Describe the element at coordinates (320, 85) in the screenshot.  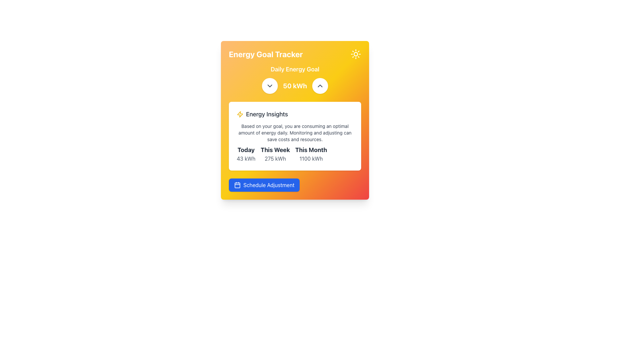
I see `the chevron icon in the upper-right corner of the 'Daily Energy Goal' section, which is positioned directly above the text '50 kWh'` at that location.